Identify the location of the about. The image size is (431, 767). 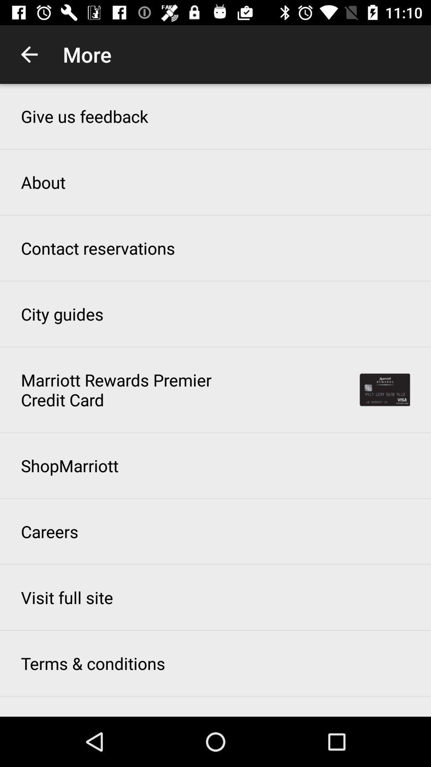
(43, 182).